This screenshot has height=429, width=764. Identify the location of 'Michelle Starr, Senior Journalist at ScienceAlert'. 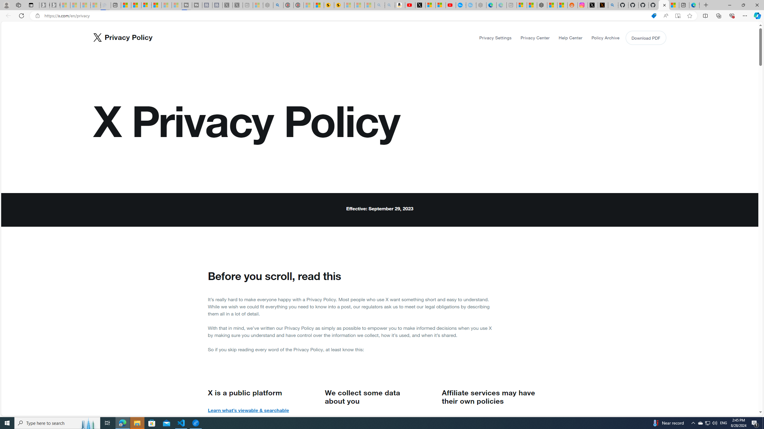
(339, 5).